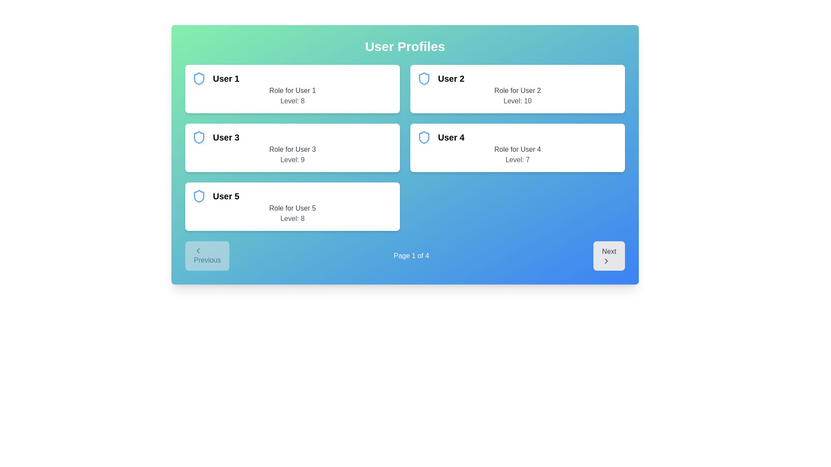 Image resolution: width=831 pixels, height=467 pixels. Describe the element at coordinates (199, 196) in the screenshot. I see `the icon located in the top-left corner of the user profile card labeled 'User 5', which serves as a visual representation or marker indicating the status, role, or level of the user` at that location.